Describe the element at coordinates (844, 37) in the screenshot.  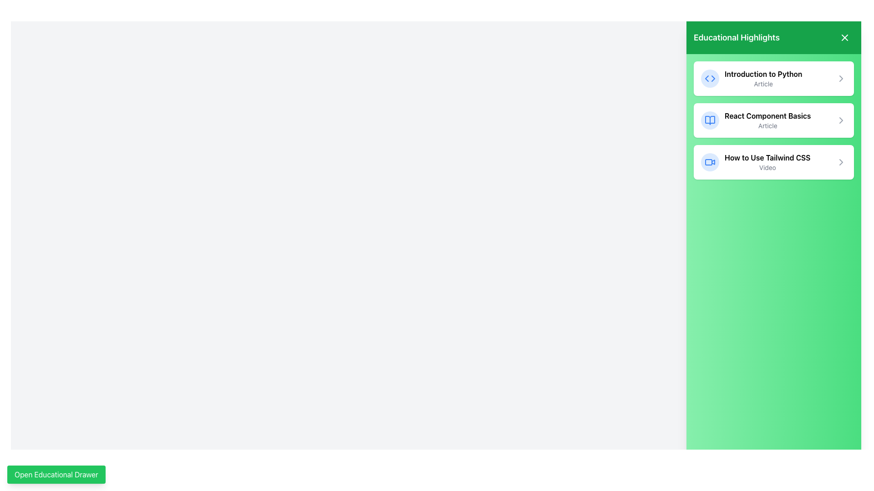
I see `the close Icon Button located in the top-right corner of the 'Educational Highlights' sidebar` at that location.